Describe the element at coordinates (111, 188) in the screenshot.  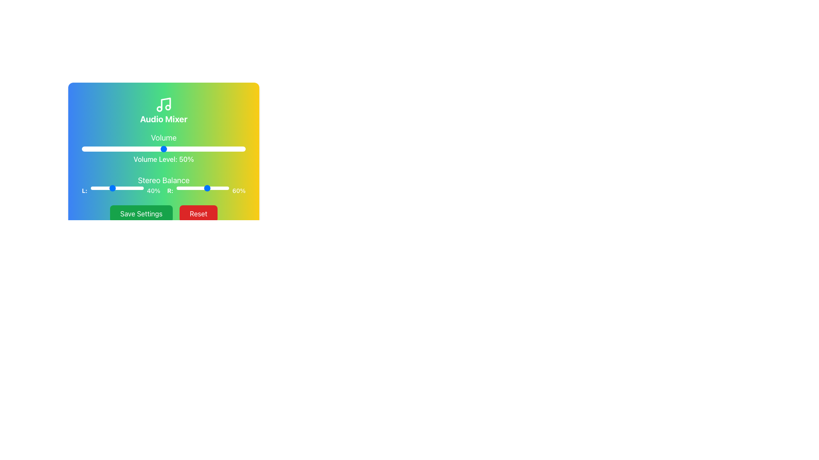
I see `the slider` at that location.